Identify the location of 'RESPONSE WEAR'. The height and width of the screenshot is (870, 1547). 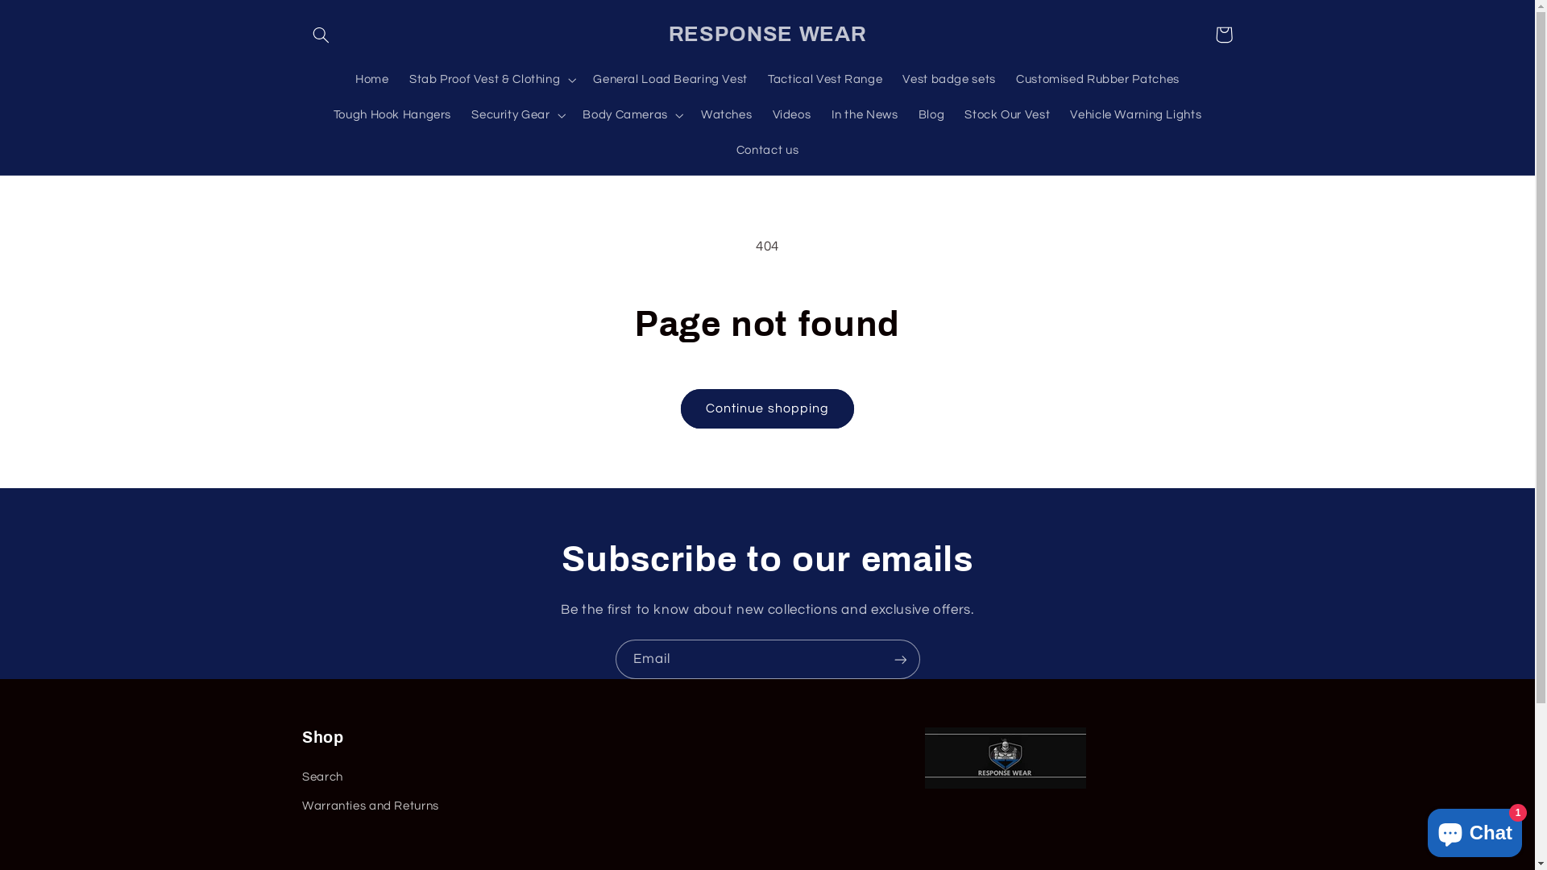
(766, 34).